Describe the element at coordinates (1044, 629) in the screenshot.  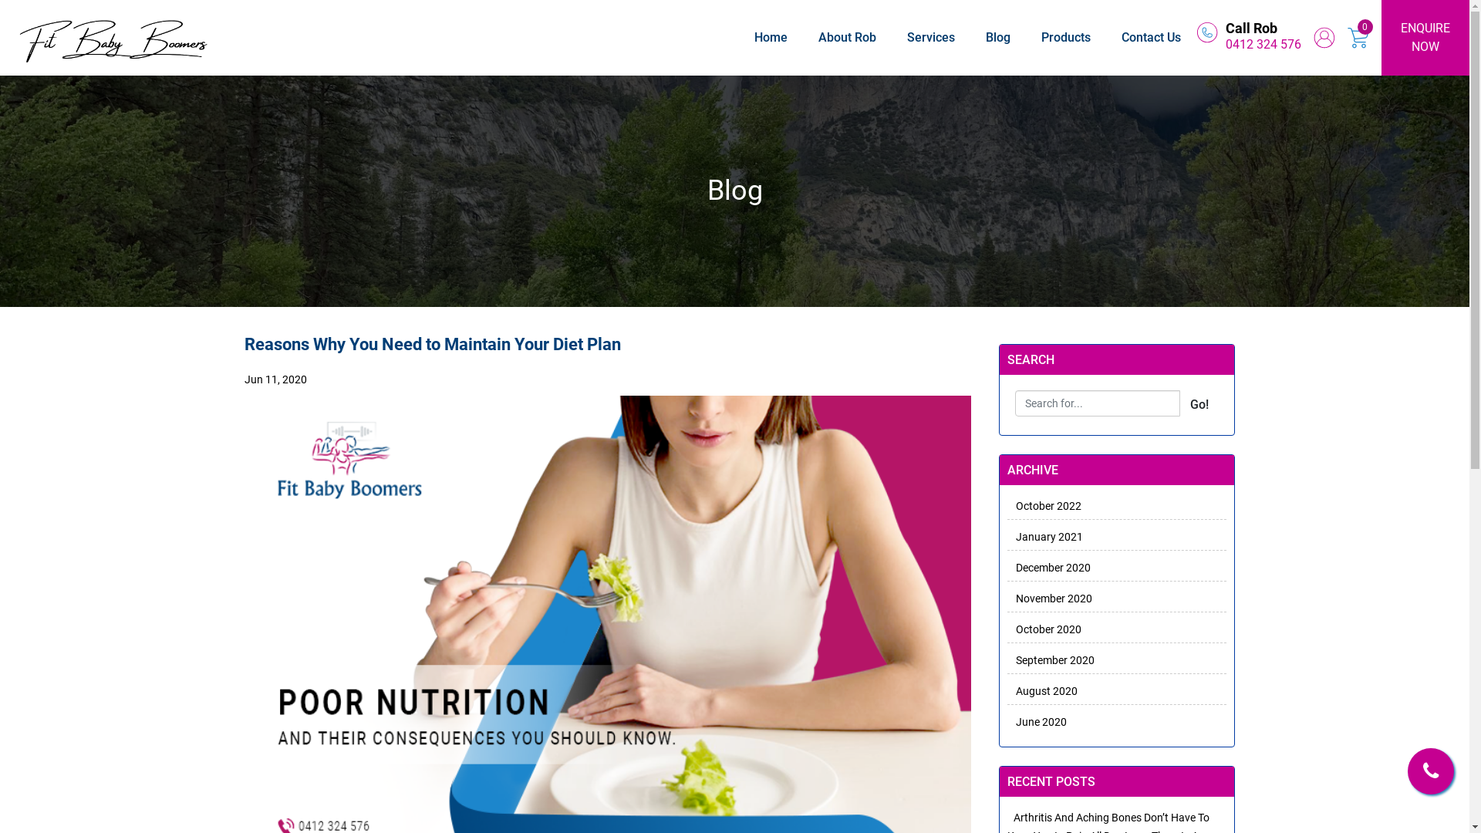
I see `'October 2020'` at that location.